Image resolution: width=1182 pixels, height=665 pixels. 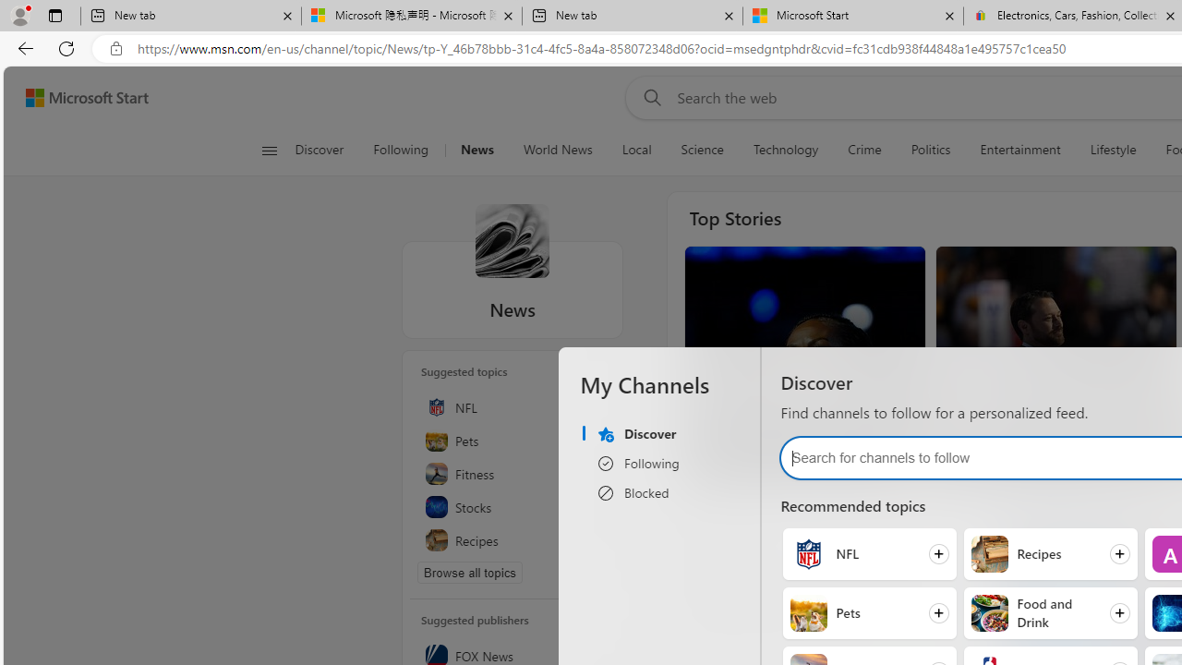 I want to click on 'Food and Drink', so click(x=988, y=612).